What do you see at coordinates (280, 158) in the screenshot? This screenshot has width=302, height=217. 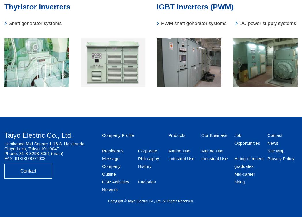 I see `'Privacy Policy'` at bounding box center [280, 158].